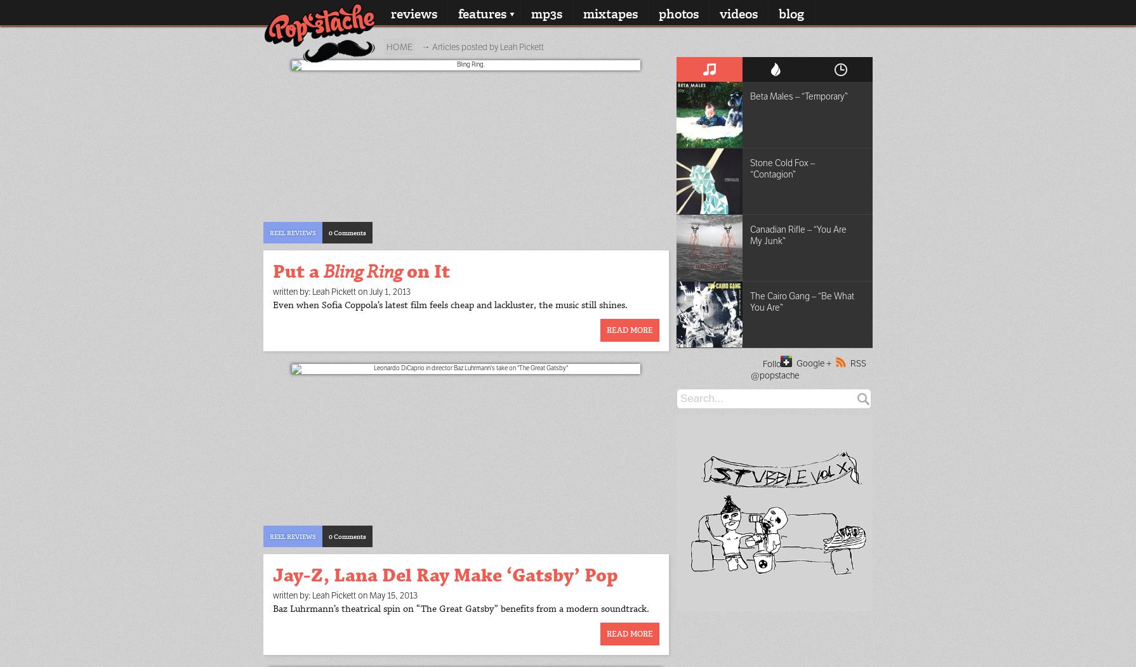  What do you see at coordinates (445, 575) in the screenshot?
I see `'Jay-Z, Lana Del Ray Make ‘Gatsby’ Pop'` at bounding box center [445, 575].